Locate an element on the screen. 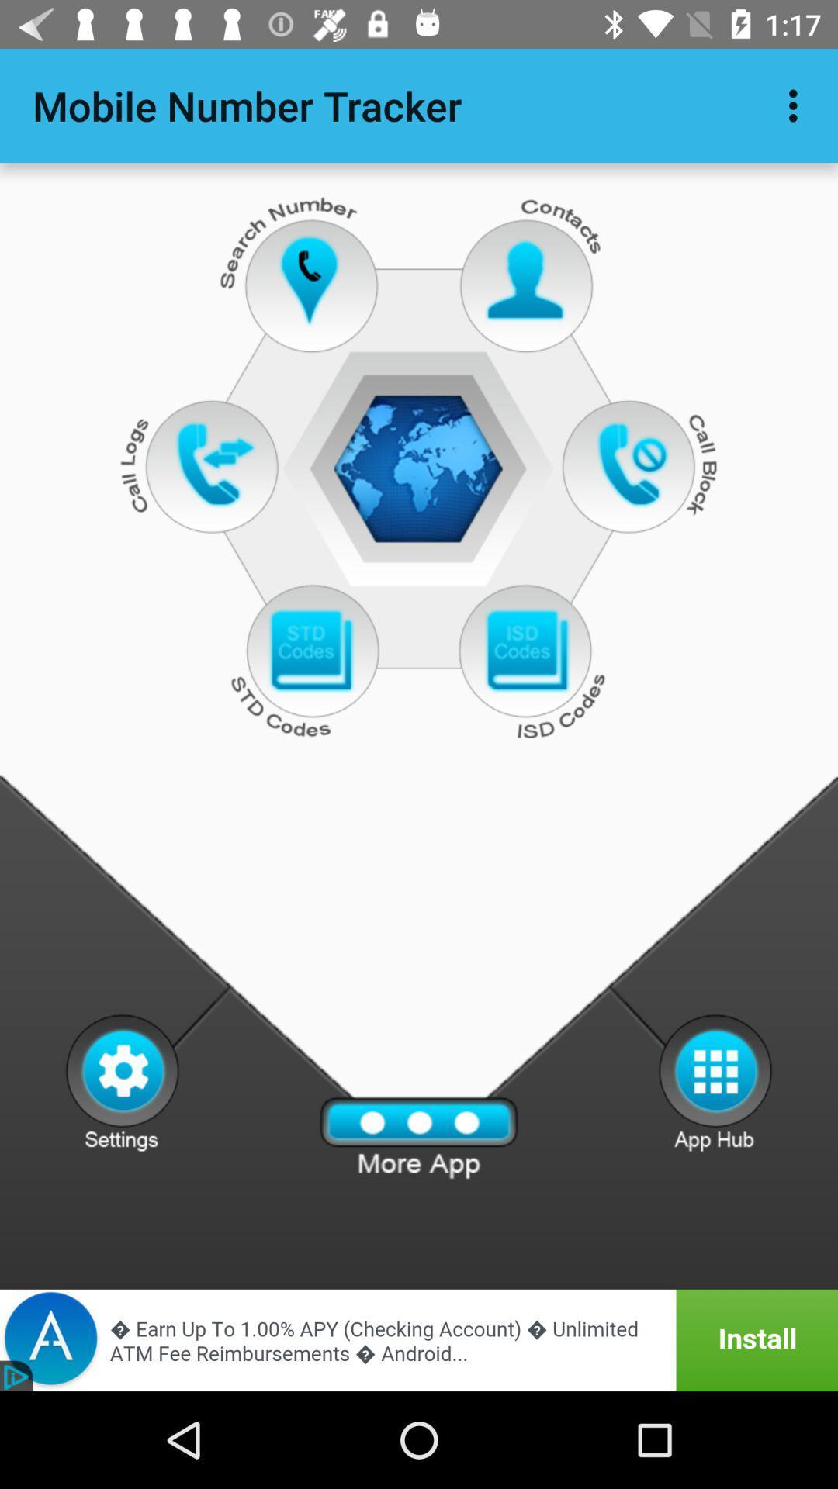 The width and height of the screenshot is (838, 1489). call logs is located at coordinates (215, 463).